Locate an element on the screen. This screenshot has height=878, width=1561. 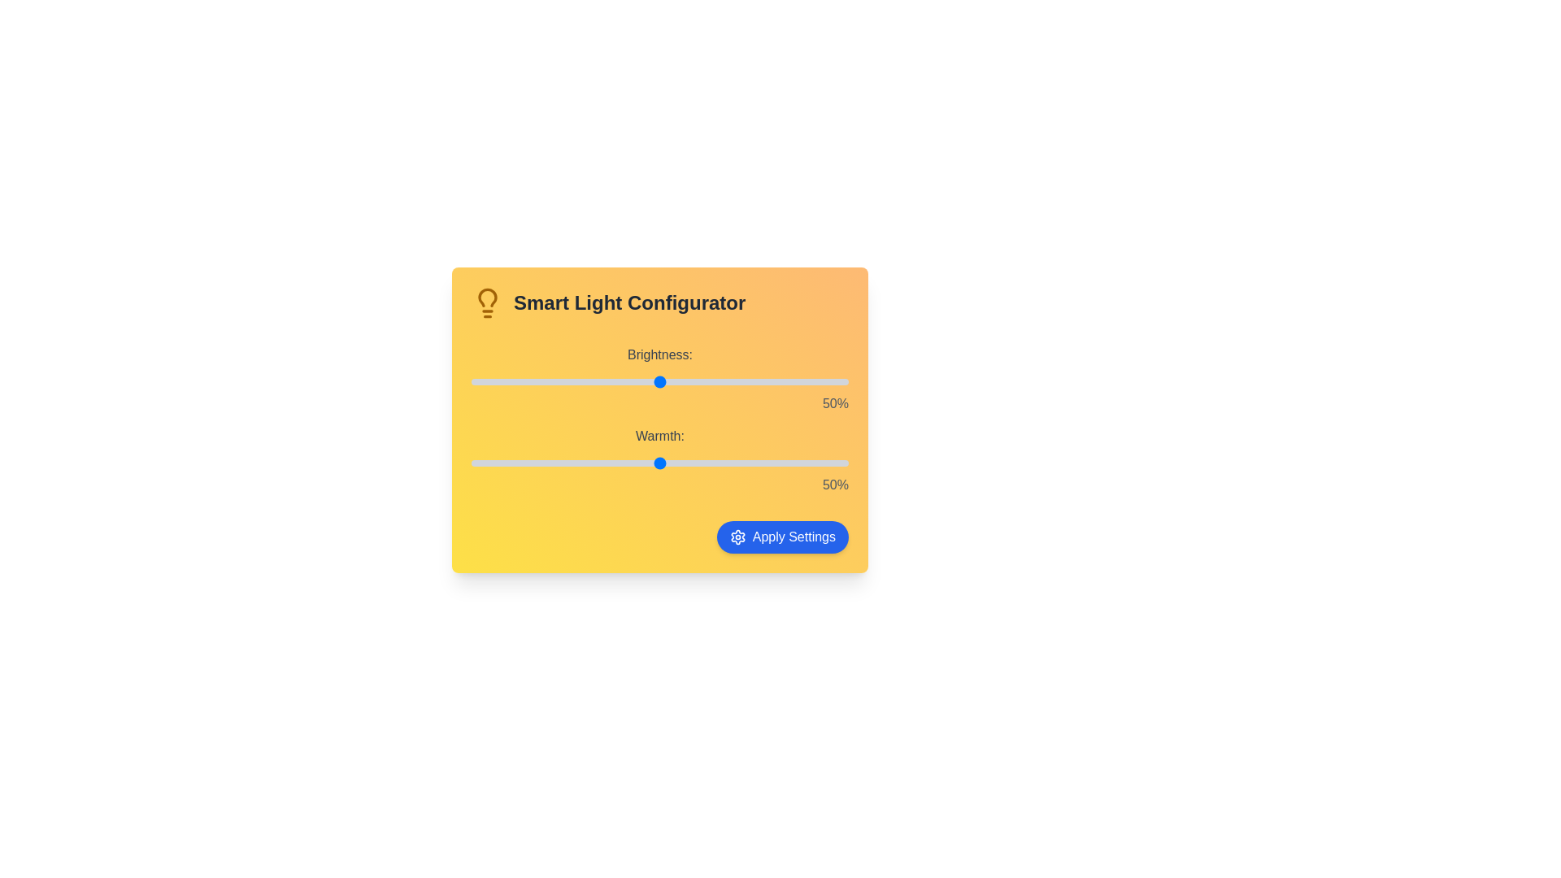
the brightness is located at coordinates (652, 382).